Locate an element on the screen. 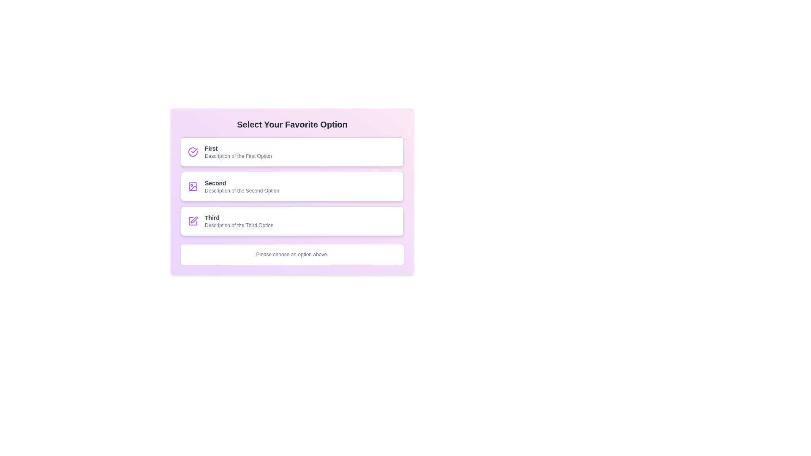  the icon located within the second option card labeled 'Second', positioned to the left of the text 'Second Description of the Second Option' is located at coordinates (192, 186).